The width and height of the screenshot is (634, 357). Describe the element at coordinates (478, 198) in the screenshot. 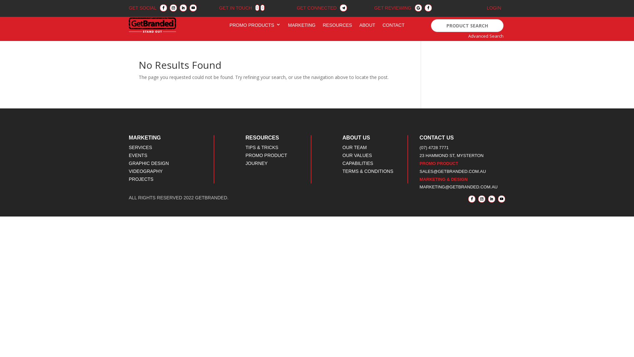

I see `'Follow on Instagram'` at that location.